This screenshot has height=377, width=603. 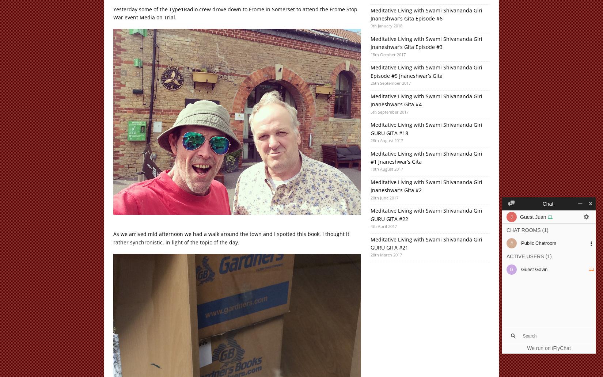 I want to click on '10th August 2017', so click(x=386, y=168).